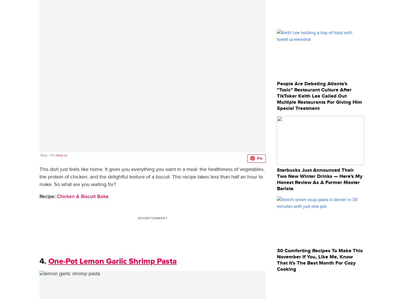 Image resolution: width=406 pixels, height=299 pixels. Describe the element at coordinates (152, 218) in the screenshot. I see `'ADVERTISEMENT'` at that location.